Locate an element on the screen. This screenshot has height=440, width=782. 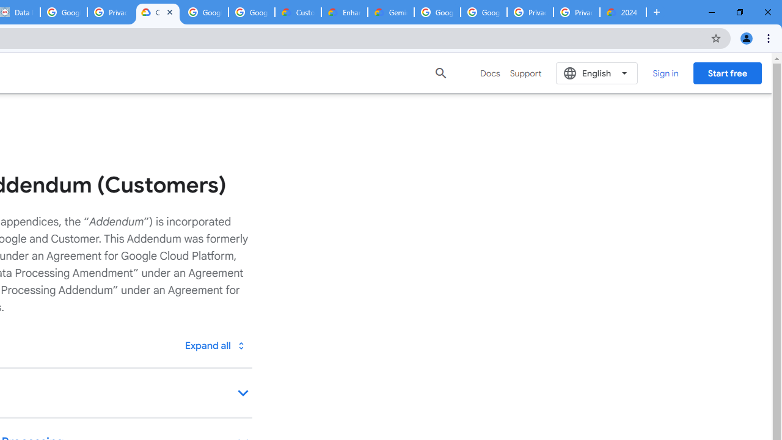
'Toggle all' is located at coordinates (214, 345).